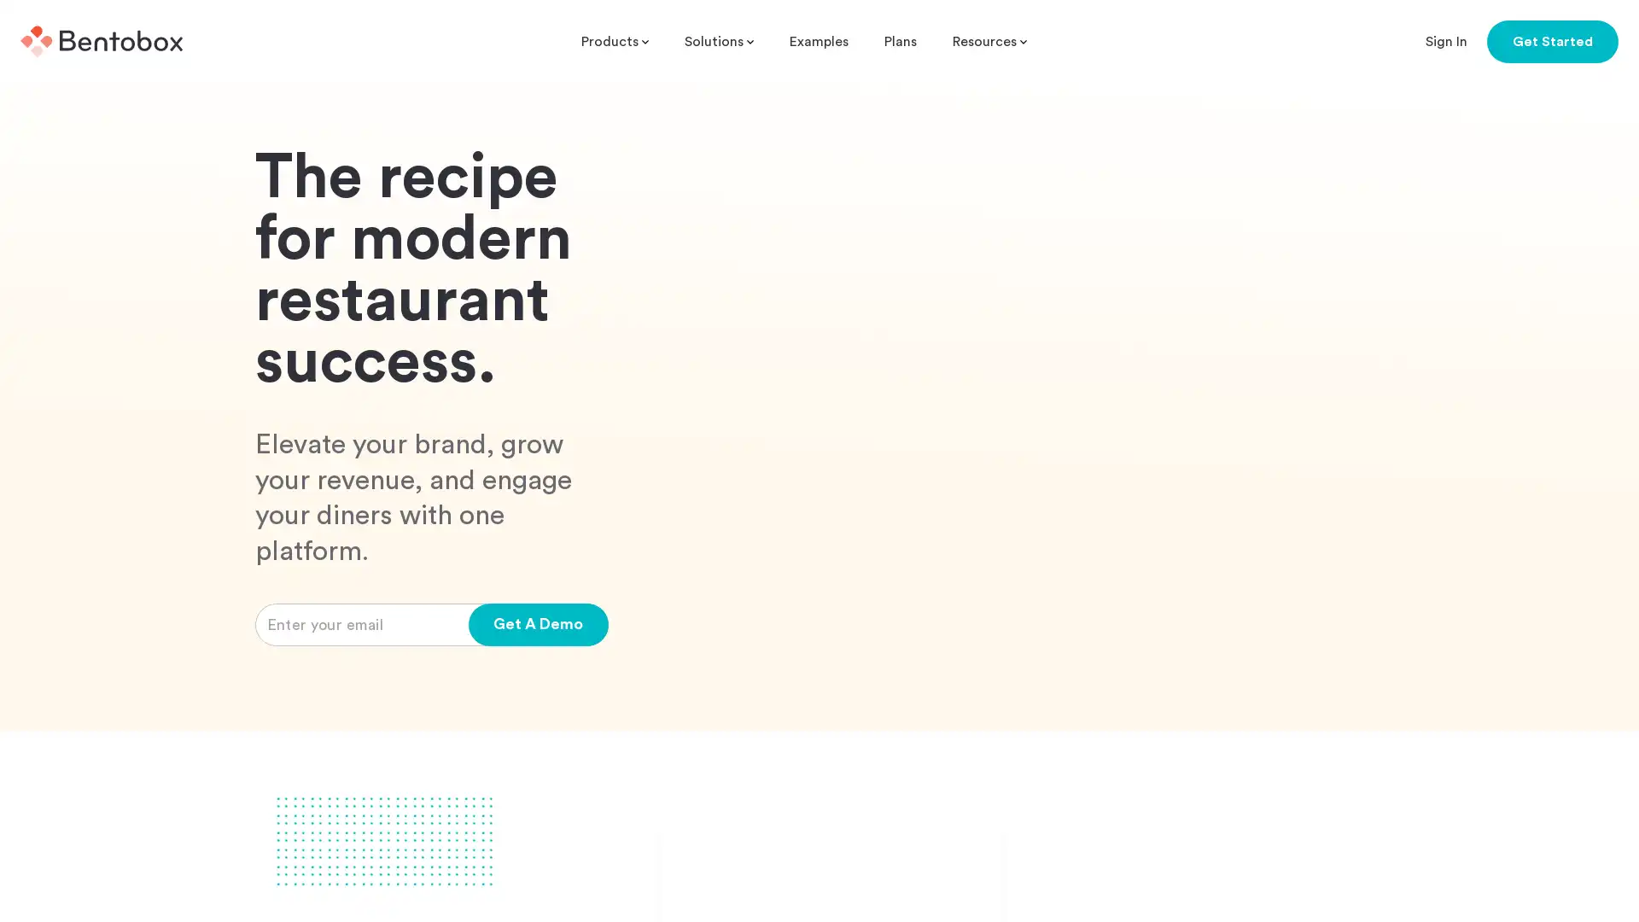  Describe the element at coordinates (719, 41) in the screenshot. I see `Solutions` at that location.